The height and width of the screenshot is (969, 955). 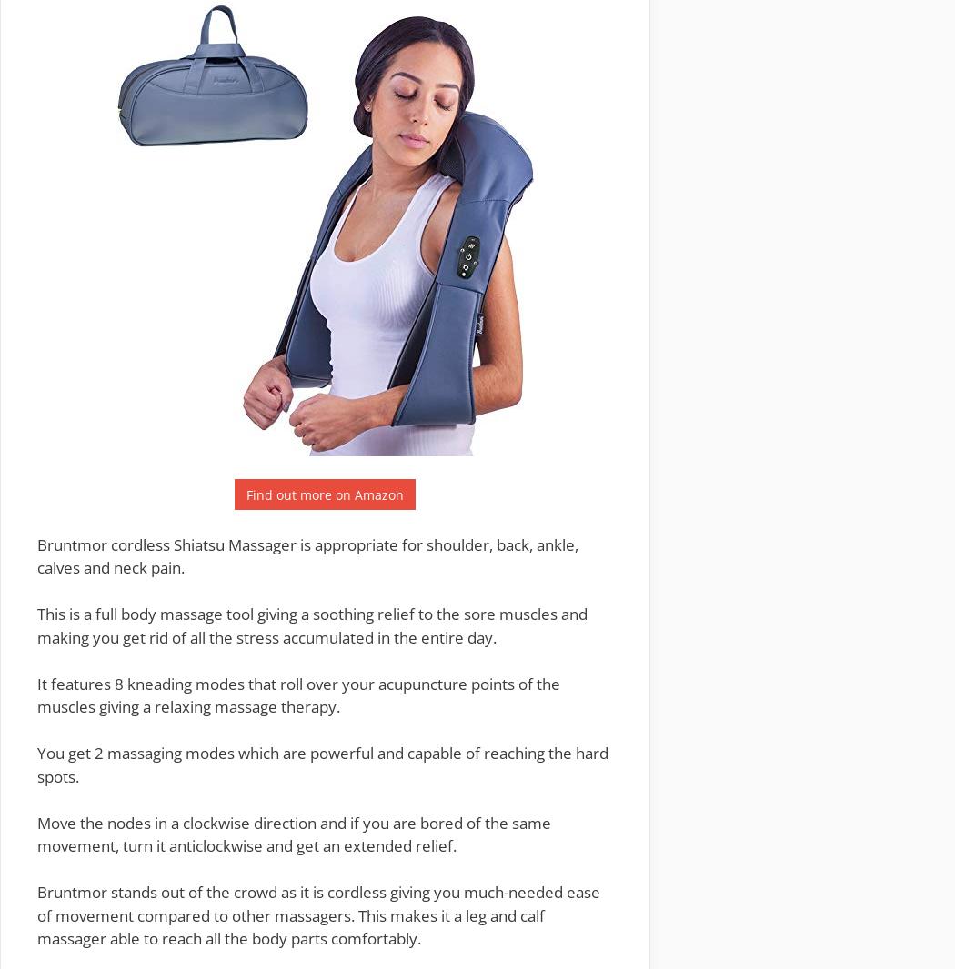 I want to click on '8 kneading modes', so click(x=114, y=682).